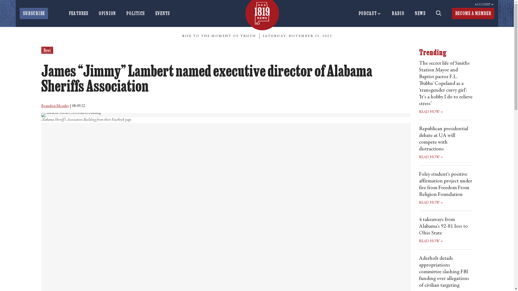 The height and width of the screenshot is (291, 518). Describe the element at coordinates (414, 13) in the screenshot. I see `'NEWS'` at that location.